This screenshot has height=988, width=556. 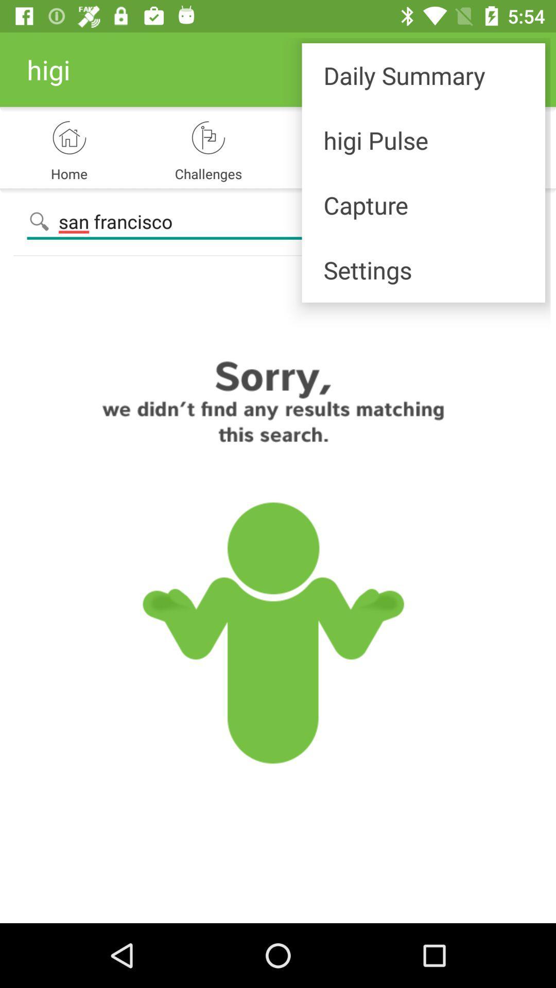 What do you see at coordinates (522, 221) in the screenshot?
I see `the minus icon` at bounding box center [522, 221].